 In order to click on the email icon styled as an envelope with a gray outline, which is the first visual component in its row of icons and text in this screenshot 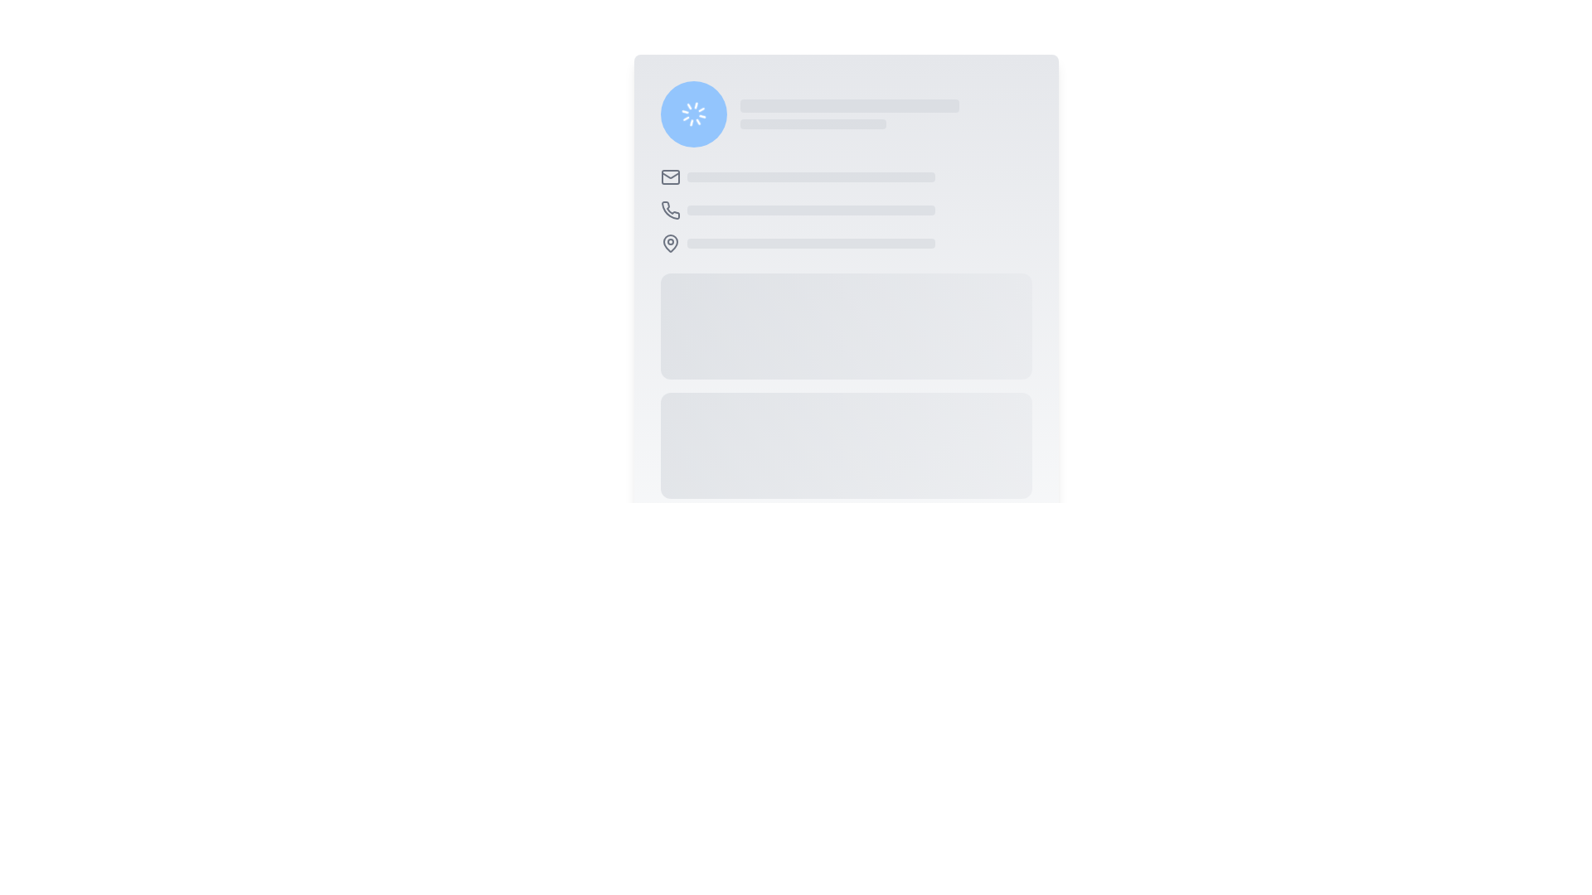, I will do `click(670, 177)`.